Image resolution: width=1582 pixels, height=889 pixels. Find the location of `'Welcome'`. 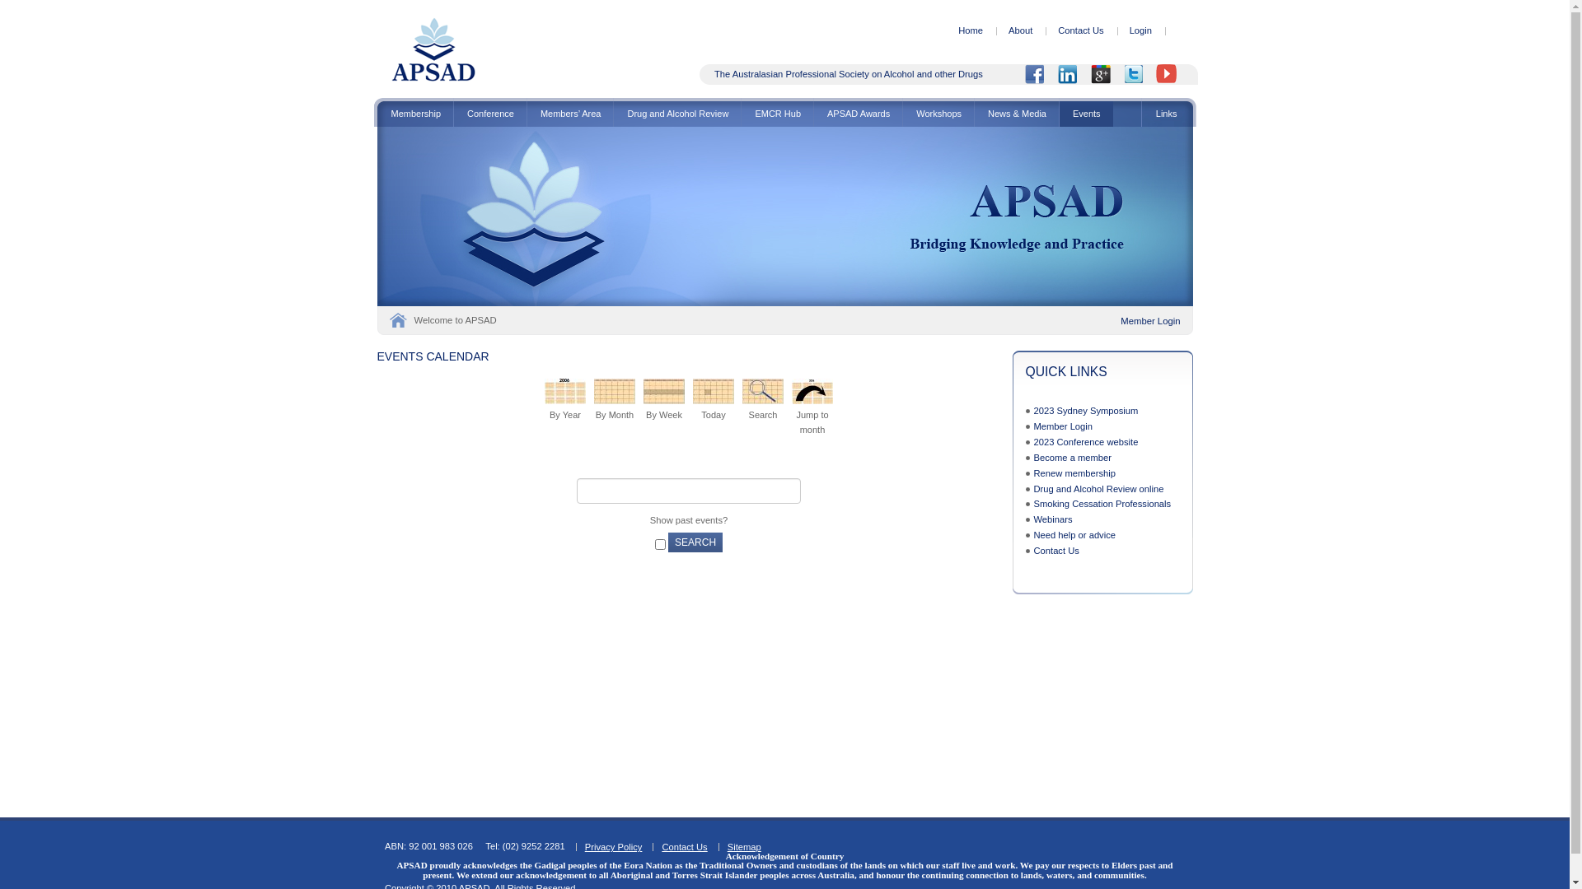

'Welcome' is located at coordinates (396, 320).